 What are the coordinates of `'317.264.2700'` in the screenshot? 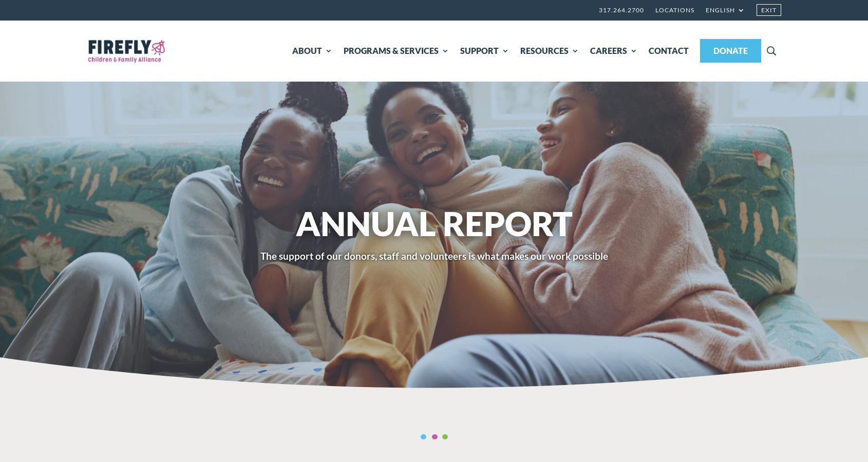 It's located at (598, 9).